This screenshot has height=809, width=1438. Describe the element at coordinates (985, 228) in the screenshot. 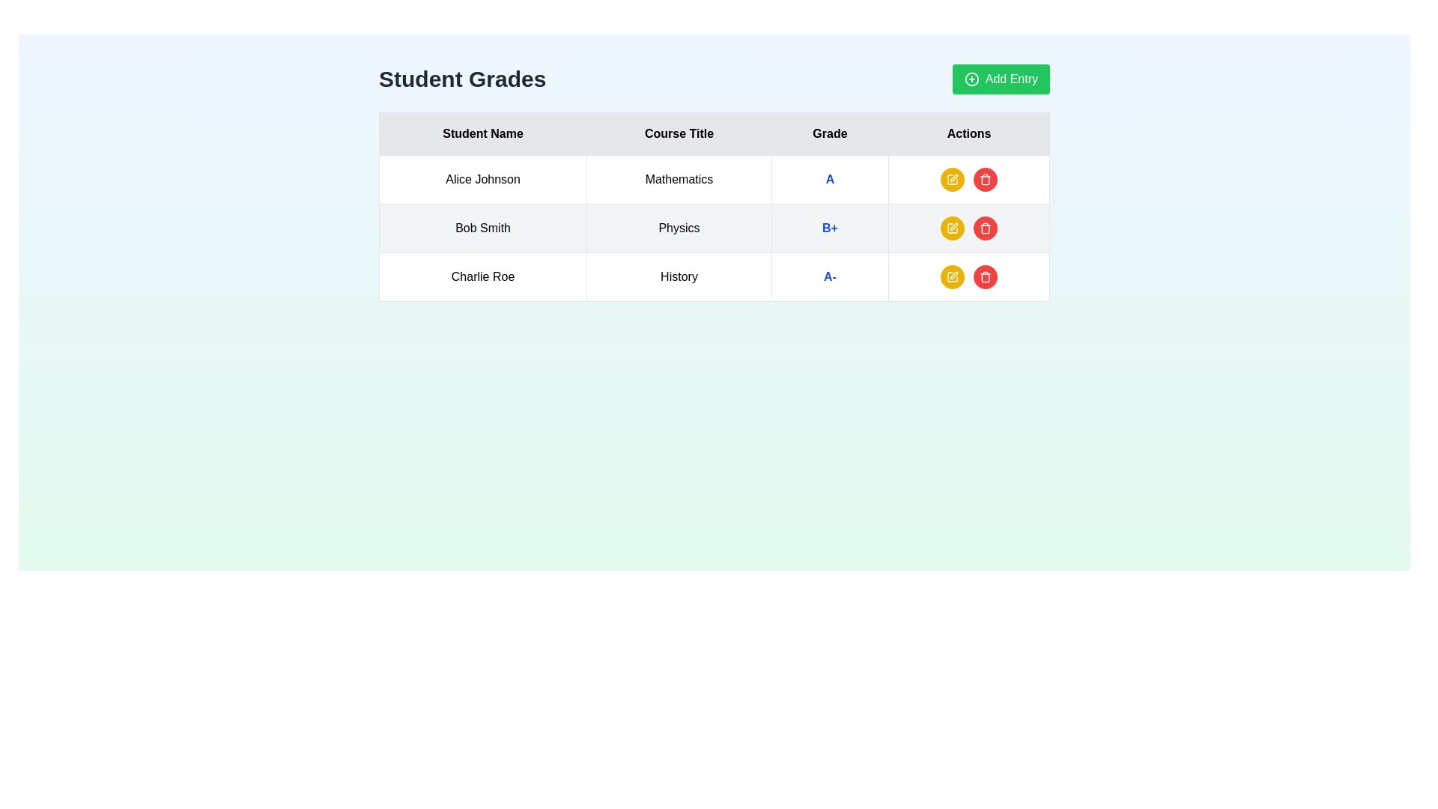

I see `the delete button in the 'Actions' column for 'Bob Smith'` at that location.